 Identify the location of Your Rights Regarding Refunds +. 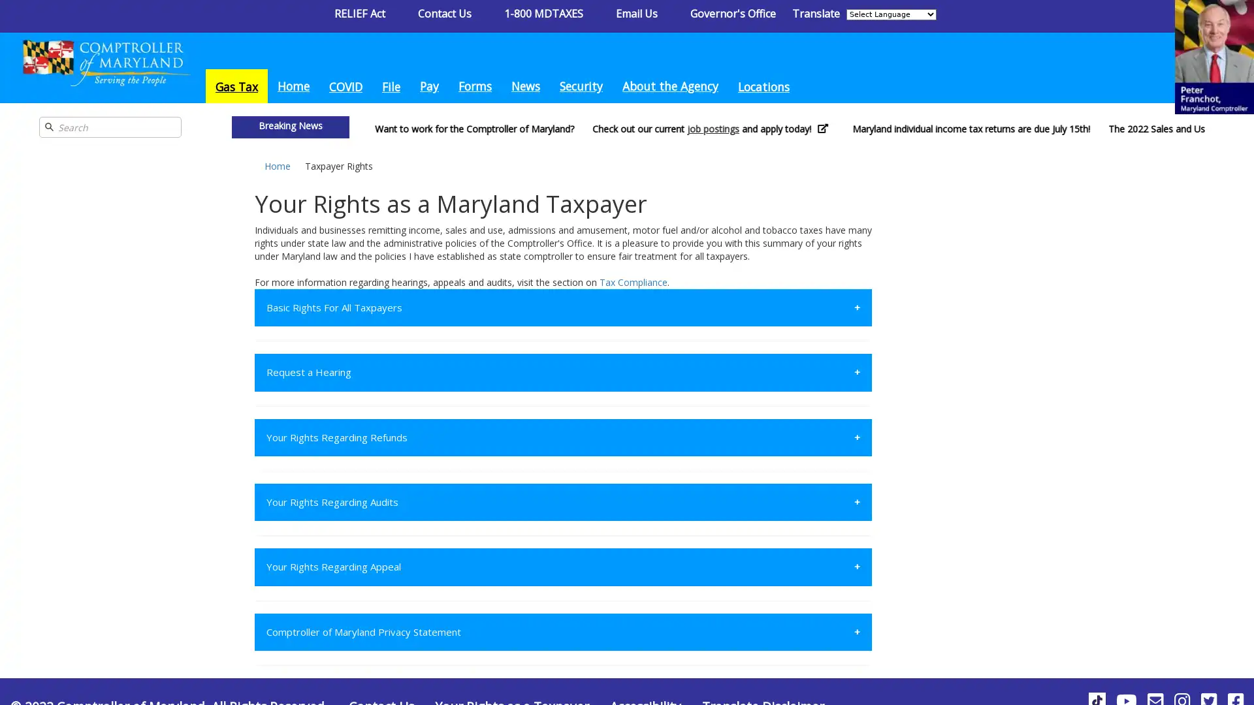
(563, 437).